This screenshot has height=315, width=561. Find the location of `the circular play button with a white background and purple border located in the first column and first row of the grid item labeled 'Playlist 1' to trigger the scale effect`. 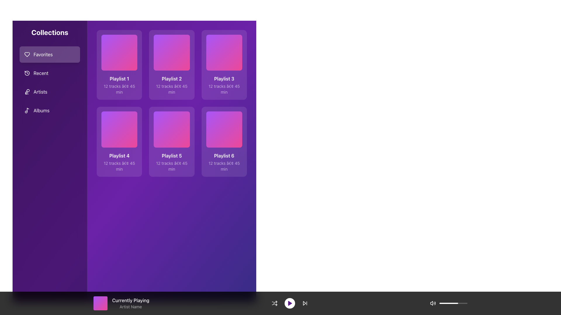

the circular play button with a white background and purple border located in the first column and first row of the grid item labeled 'Playlist 1' to trigger the scale effect is located at coordinates (119, 52).